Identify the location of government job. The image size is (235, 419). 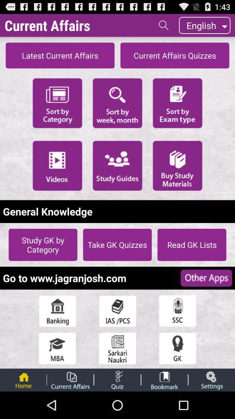
(117, 348).